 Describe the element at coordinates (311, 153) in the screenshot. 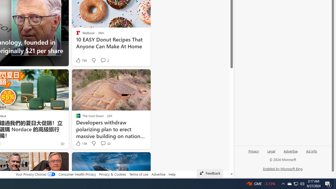

I see `'Ad info'` at that location.